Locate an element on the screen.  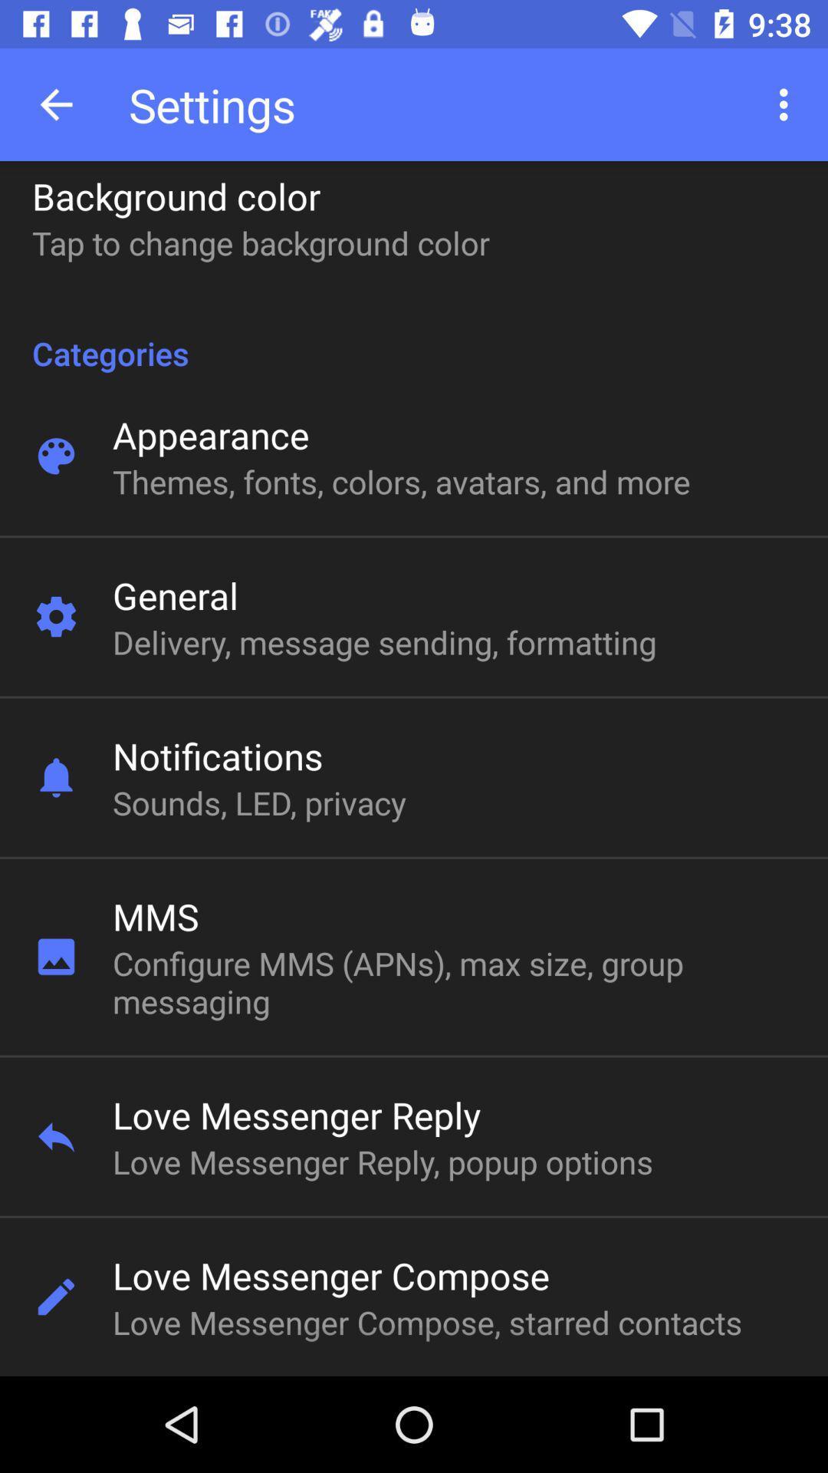
item above sounds, led, privacy item is located at coordinates (218, 756).